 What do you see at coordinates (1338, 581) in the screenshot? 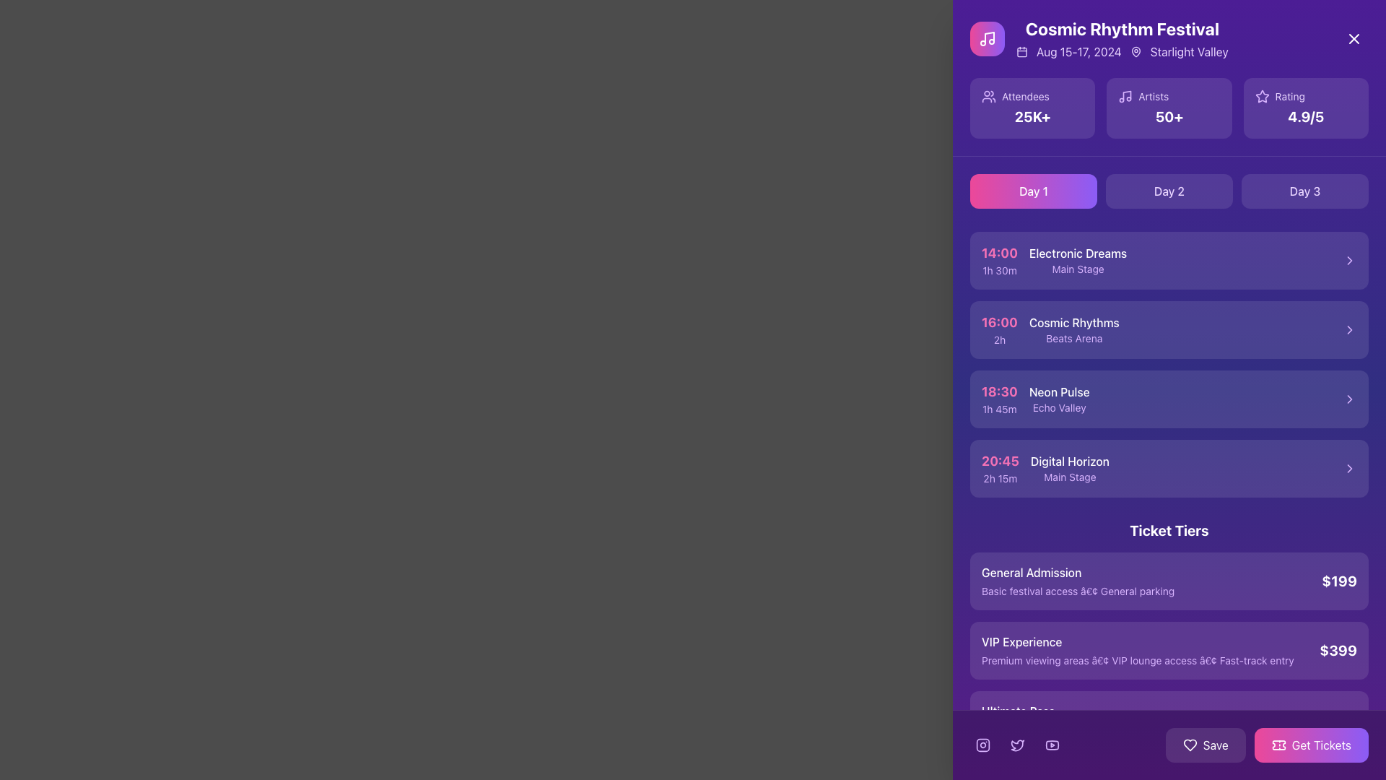
I see `the static Text label displaying the ticket price for the 'General Admission' tier located in the 'Ticket Tiers' section` at bounding box center [1338, 581].